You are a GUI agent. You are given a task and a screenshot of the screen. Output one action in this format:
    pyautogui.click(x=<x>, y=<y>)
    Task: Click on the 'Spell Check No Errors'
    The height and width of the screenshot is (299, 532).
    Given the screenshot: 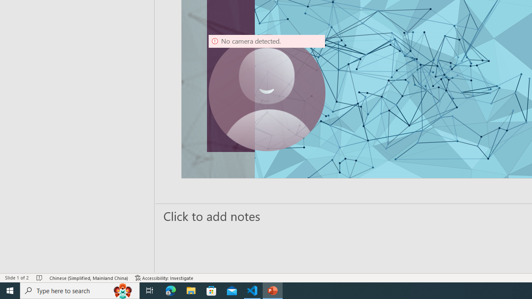 What is the action you would take?
    pyautogui.click(x=39, y=278)
    